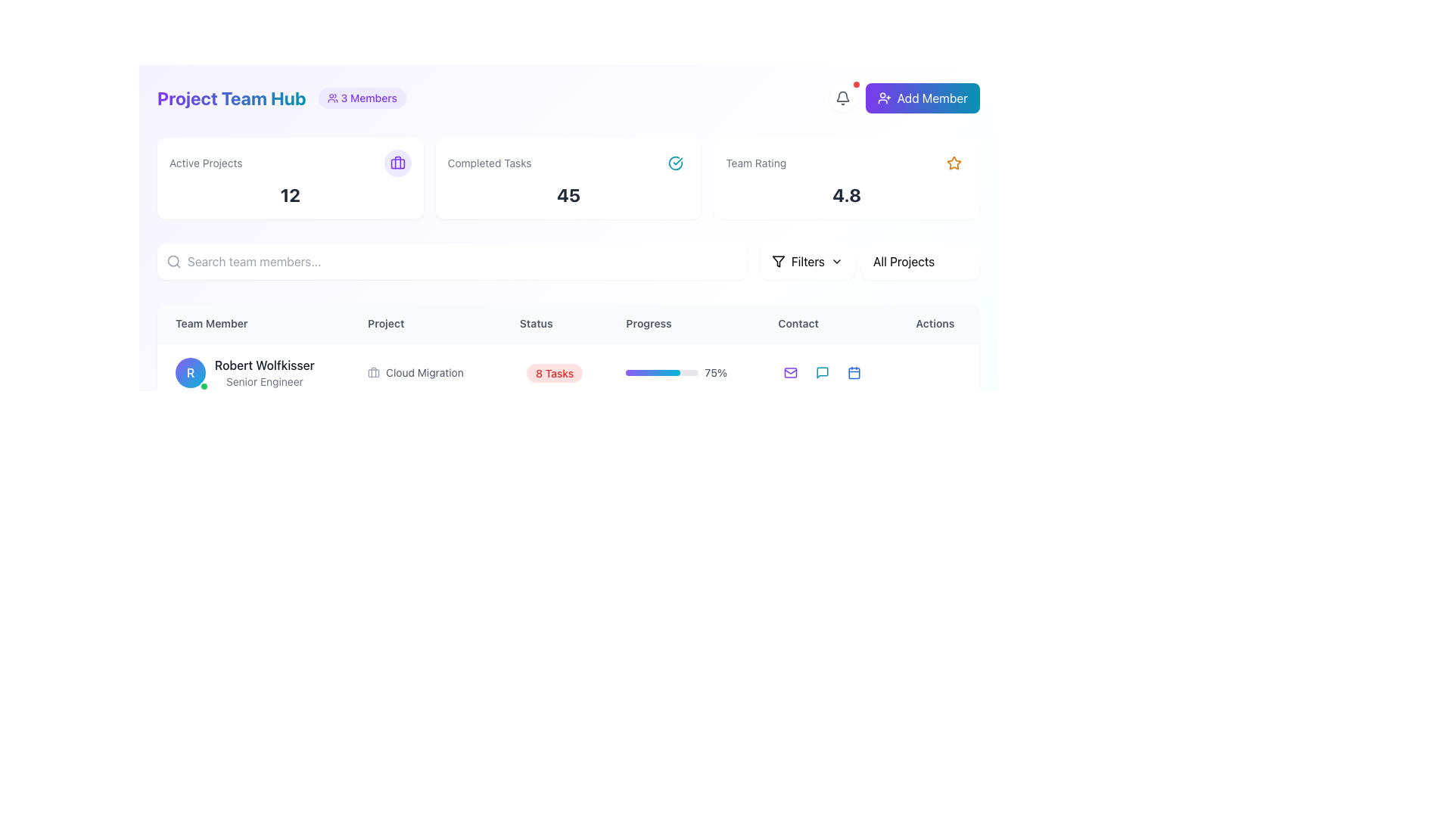  Describe the element at coordinates (778, 261) in the screenshot. I see `the filtering icon located to the left of the 'Filters' button, which indicates filtering functionality and is positioned on the right-hand side of the interface` at that location.